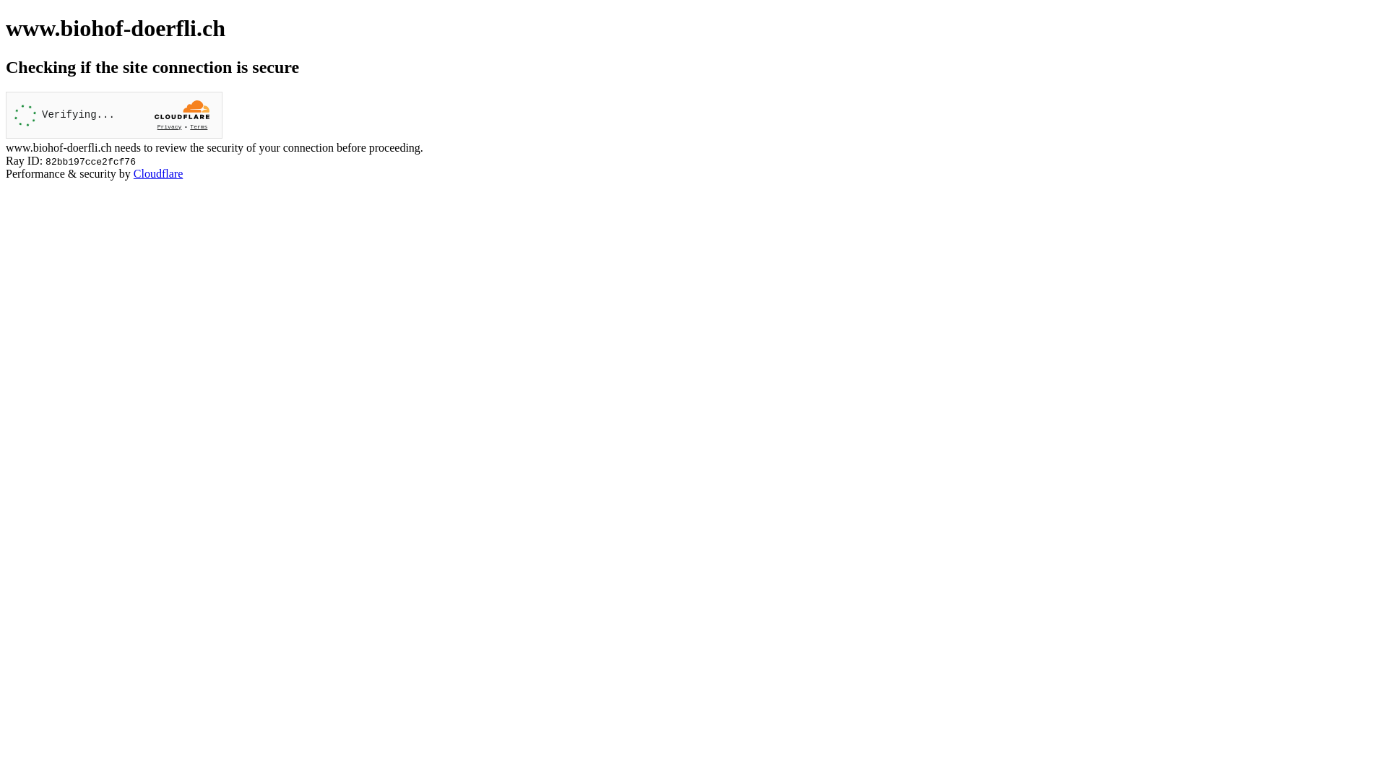 The image size is (1387, 780). I want to click on 'Widget containing a Cloudflare security challenge', so click(113, 114).